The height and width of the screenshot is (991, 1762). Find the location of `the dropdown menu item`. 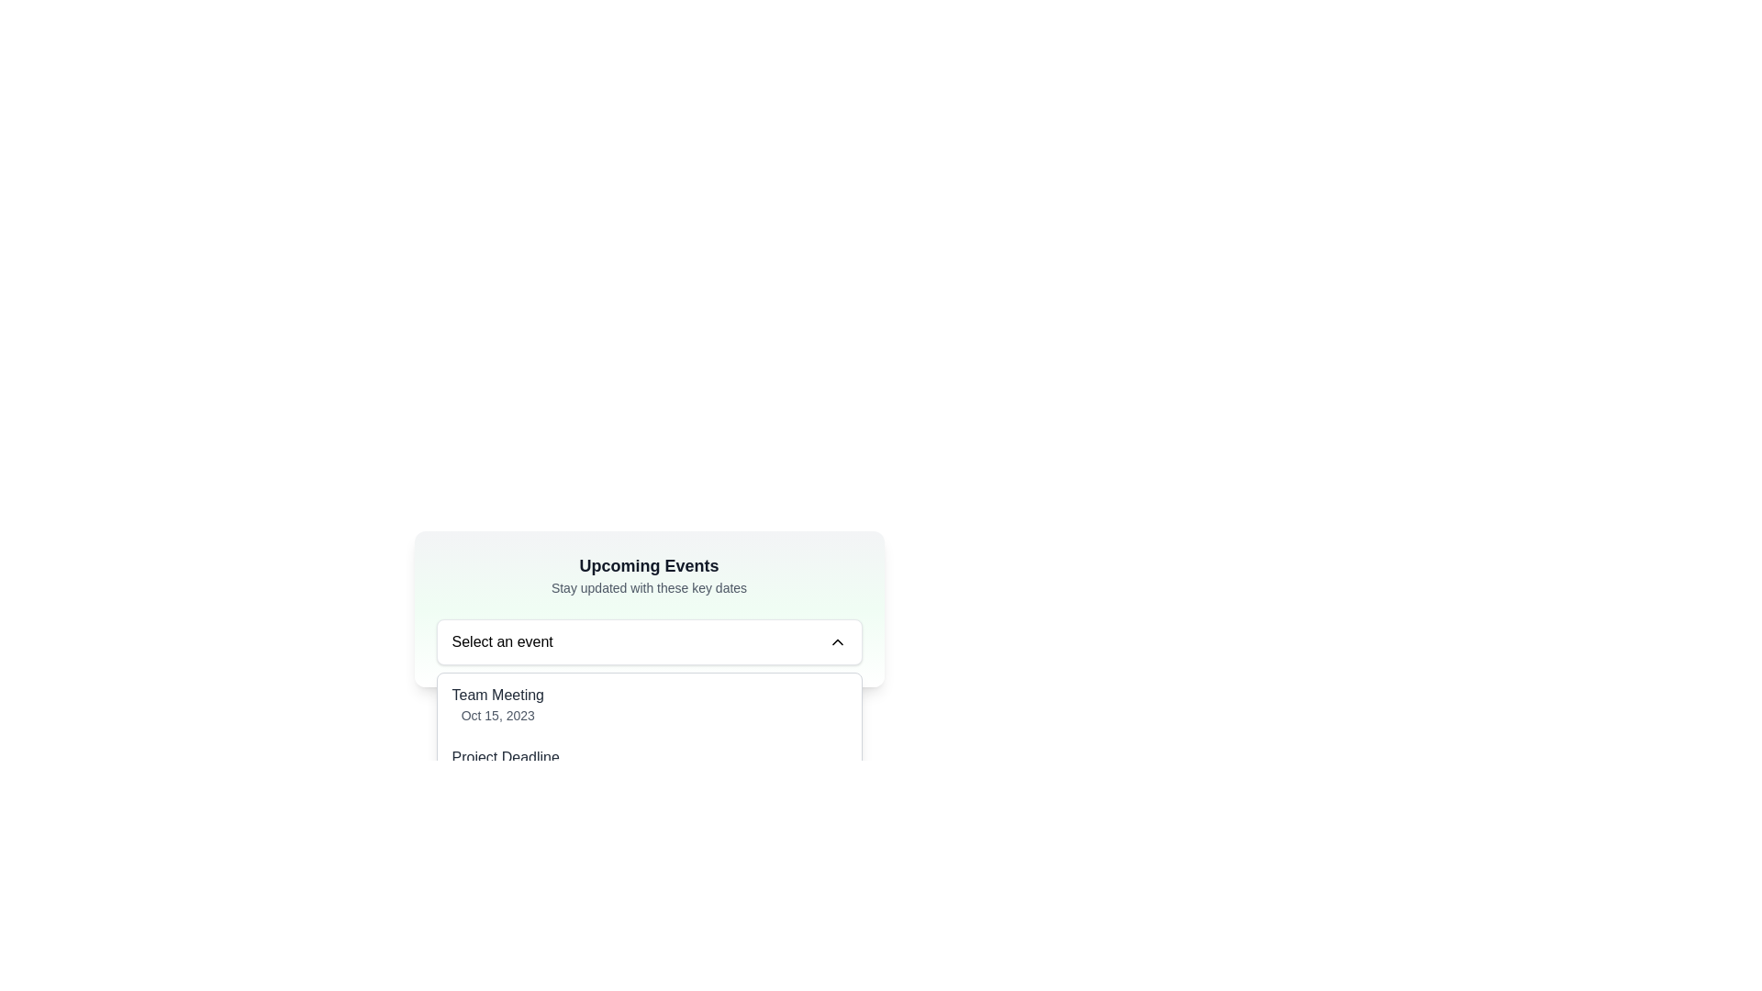

the dropdown menu item is located at coordinates (649, 767).